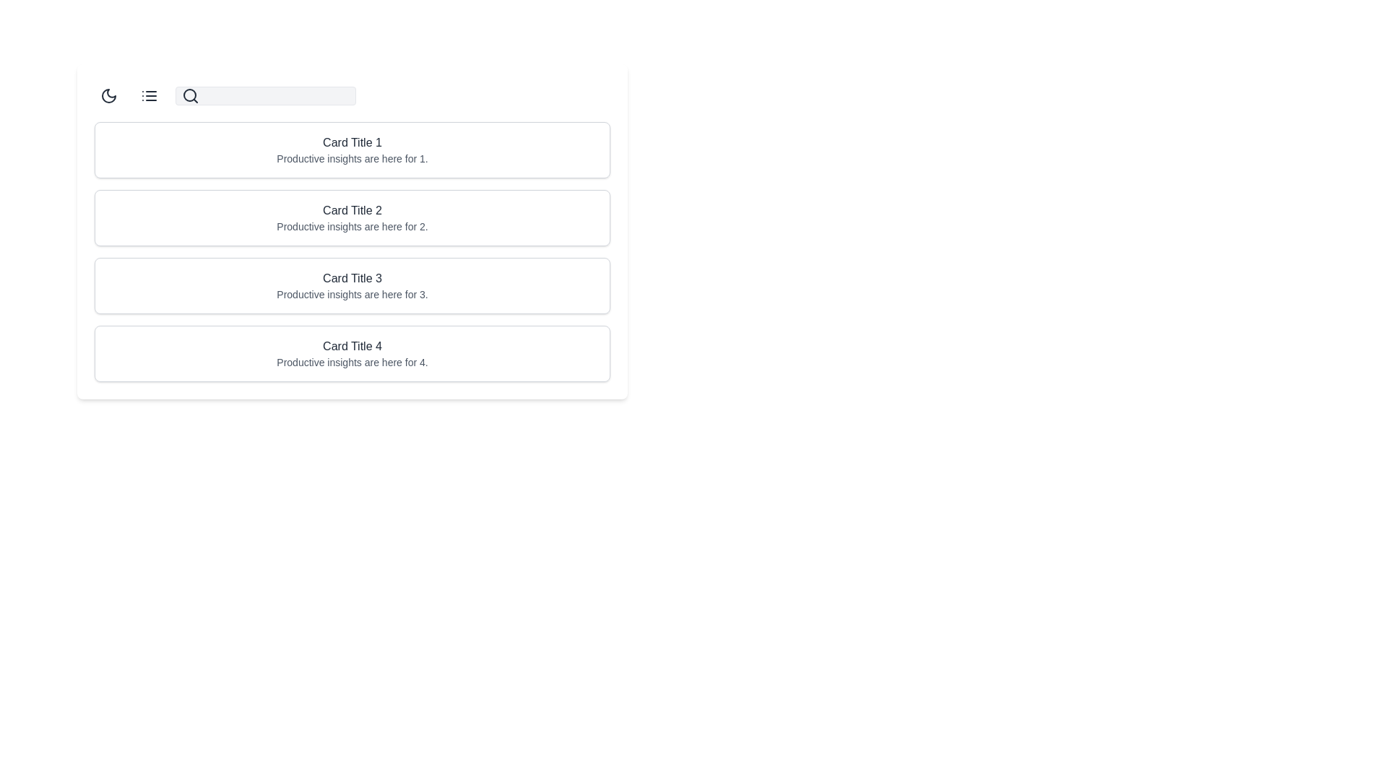 The width and height of the screenshot is (1387, 780). Describe the element at coordinates (353, 211) in the screenshot. I see `text content of the bold label 'Card Title 2' located at the top of the second card in a stacked list of cards` at that location.